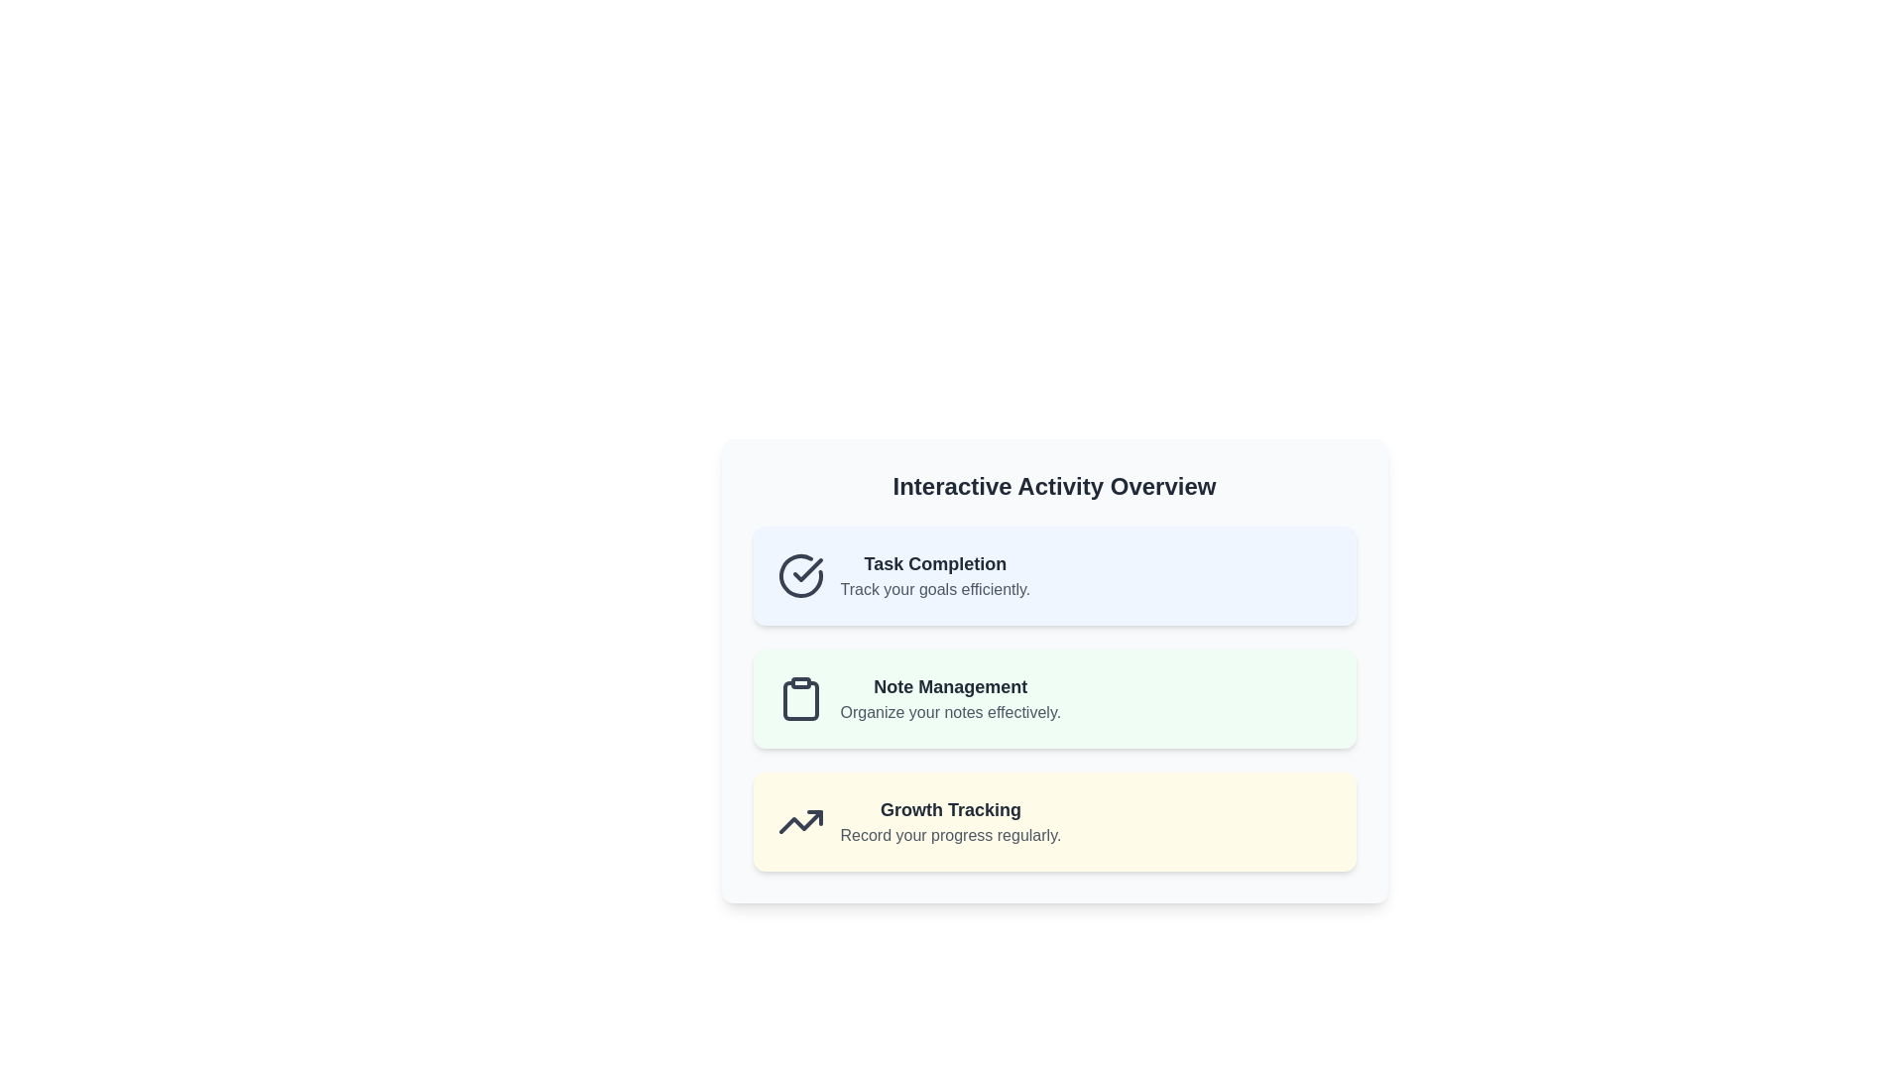 Image resolution: width=1904 pixels, height=1071 pixels. What do you see at coordinates (800, 822) in the screenshot?
I see `the upward-trending line chart icon, which is dark gray on a light yellow background, located to the left of the 'Growth Tracking' text in the third row of the list items` at bounding box center [800, 822].